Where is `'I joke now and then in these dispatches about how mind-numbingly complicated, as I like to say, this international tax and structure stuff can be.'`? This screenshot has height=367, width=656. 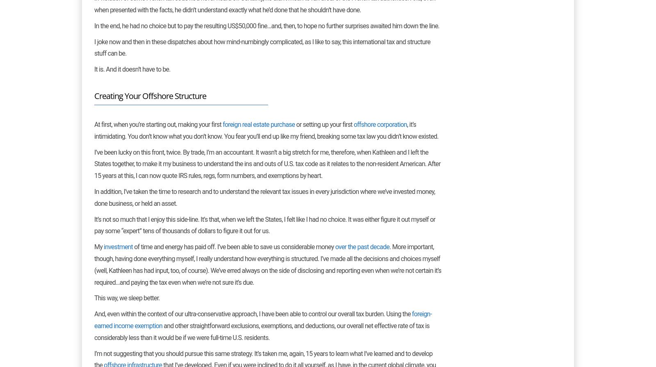 'I joke now and then in these dispatches about how mind-numbingly complicated, as I like to say, this international tax and structure stuff can be.' is located at coordinates (262, 47).